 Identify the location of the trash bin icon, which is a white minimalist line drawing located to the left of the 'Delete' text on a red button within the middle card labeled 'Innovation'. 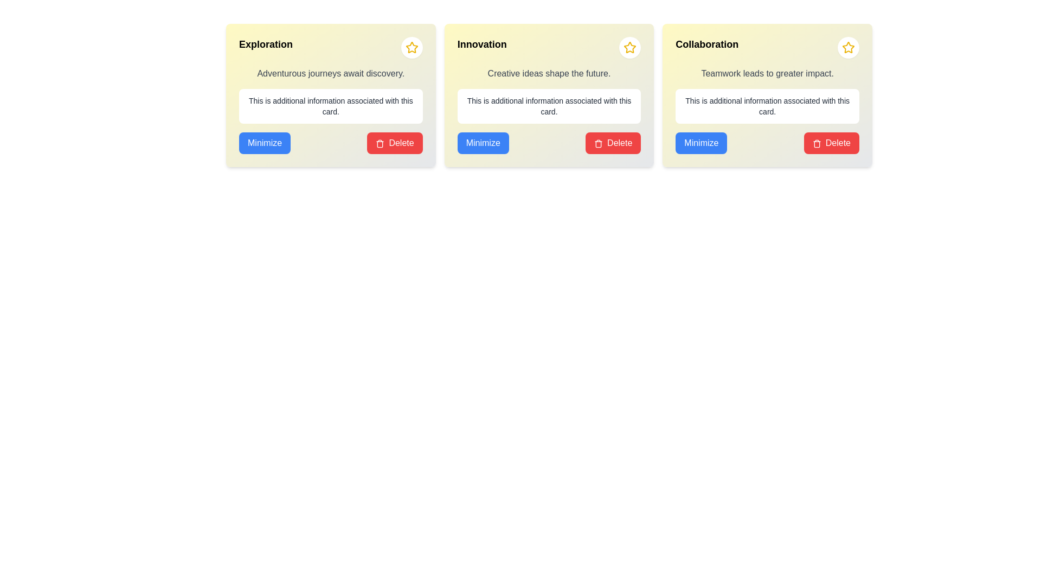
(598, 143).